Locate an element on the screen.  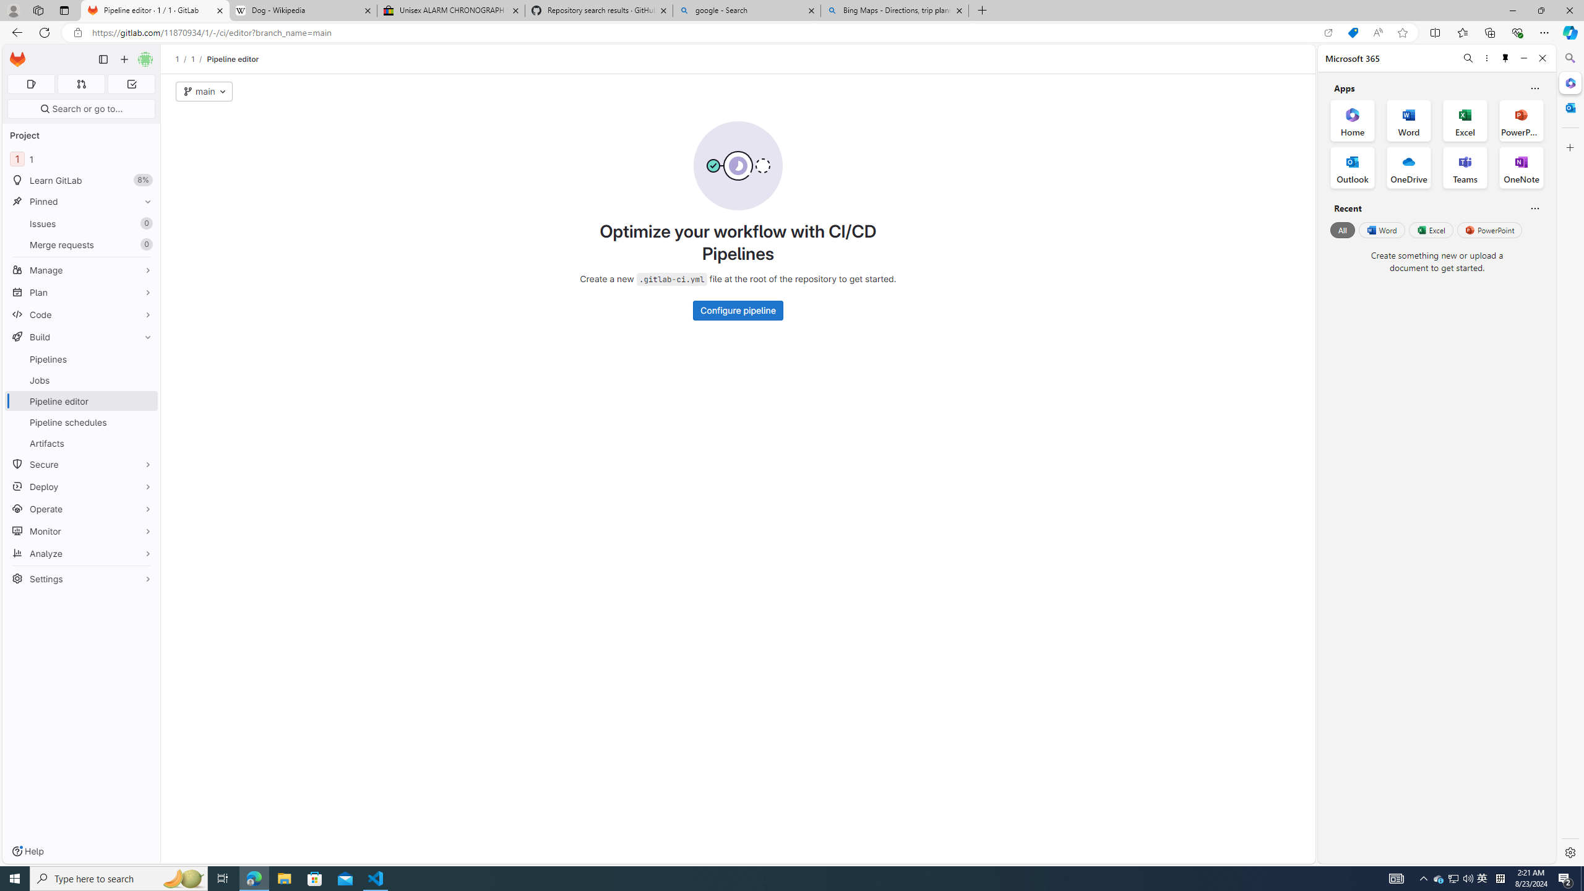
'Pipelines' is located at coordinates (80, 359).